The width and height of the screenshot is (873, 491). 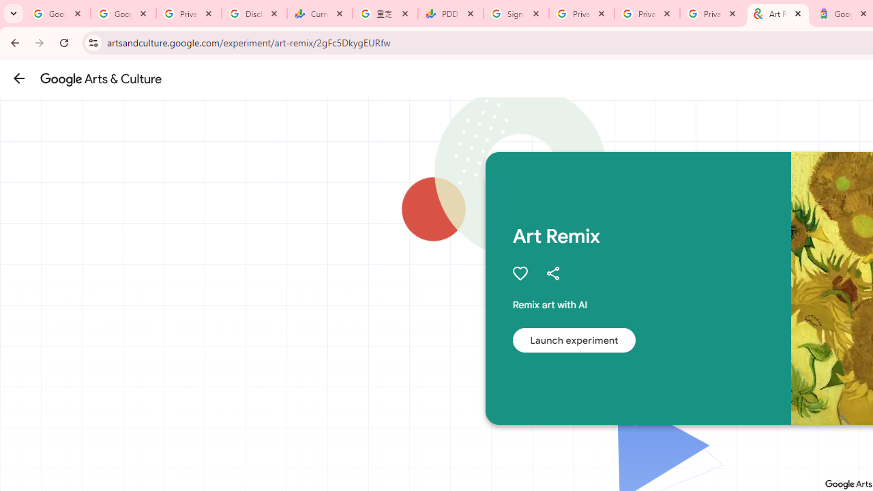 What do you see at coordinates (57, 14) in the screenshot?
I see `'Google Workspace Admin Community'` at bounding box center [57, 14].